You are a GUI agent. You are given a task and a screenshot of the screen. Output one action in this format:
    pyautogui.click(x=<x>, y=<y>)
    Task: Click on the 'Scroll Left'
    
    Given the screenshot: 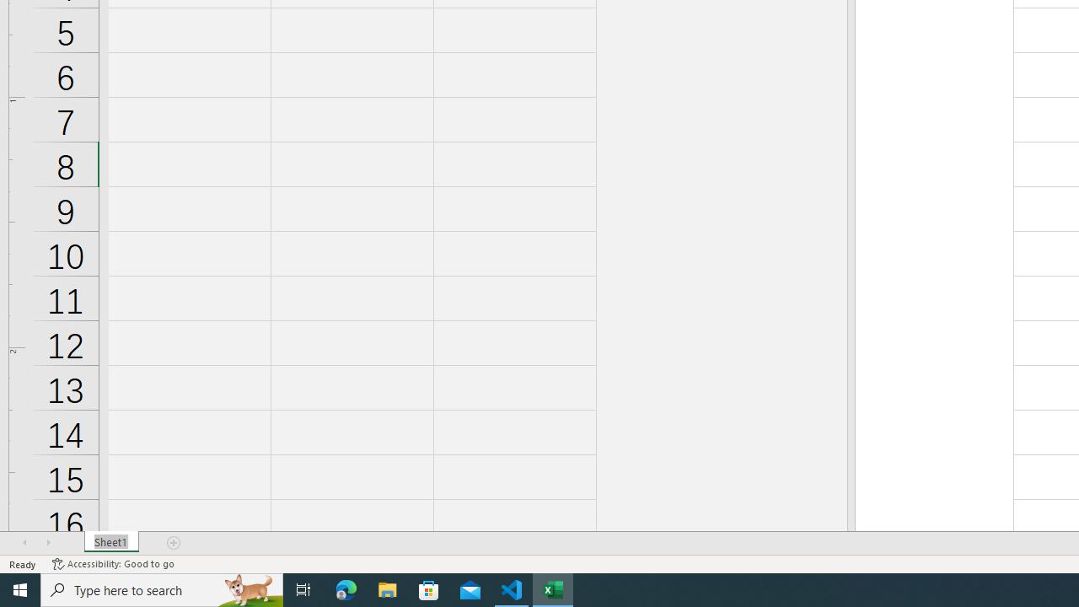 What is the action you would take?
    pyautogui.click(x=24, y=543)
    